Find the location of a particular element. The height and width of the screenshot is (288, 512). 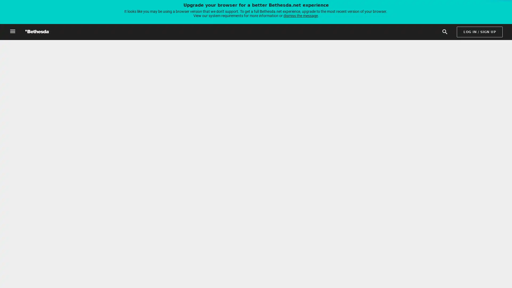

Open Global Navigation Menu is located at coordinates (13, 31).